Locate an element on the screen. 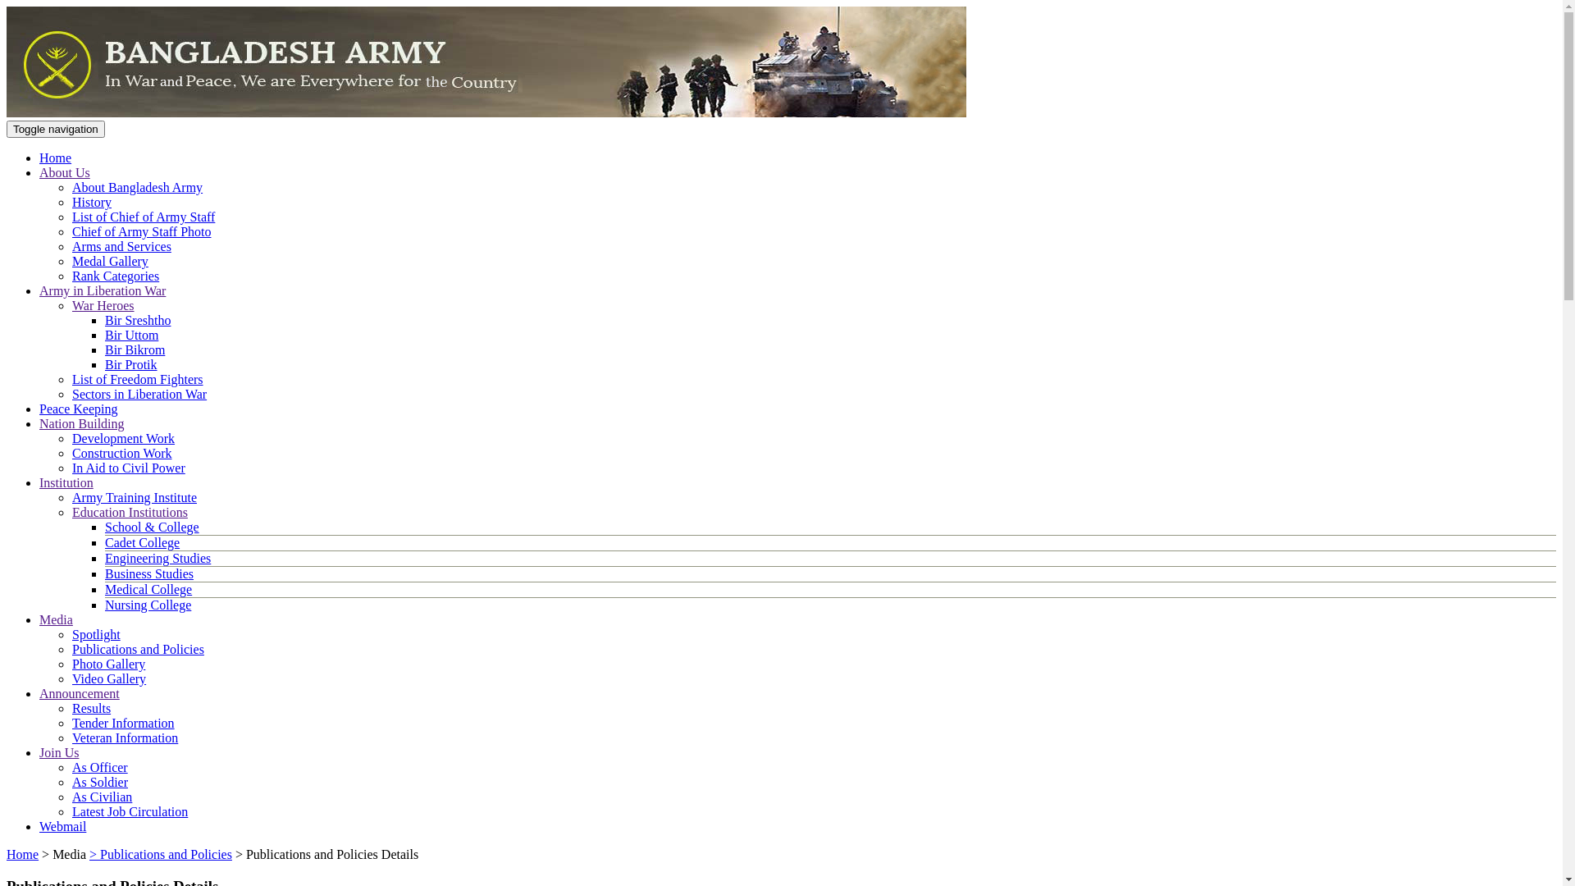 The height and width of the screenshot is (886, 1575). 'Home' is located at coordinates (55, 158).